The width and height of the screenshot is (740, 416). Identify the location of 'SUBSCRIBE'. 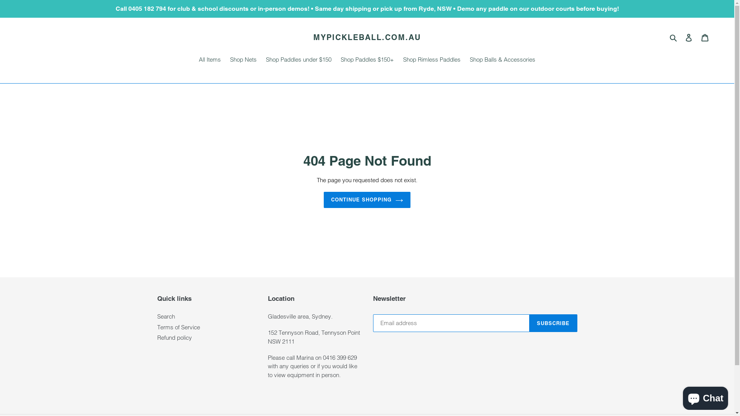
(553, 323).